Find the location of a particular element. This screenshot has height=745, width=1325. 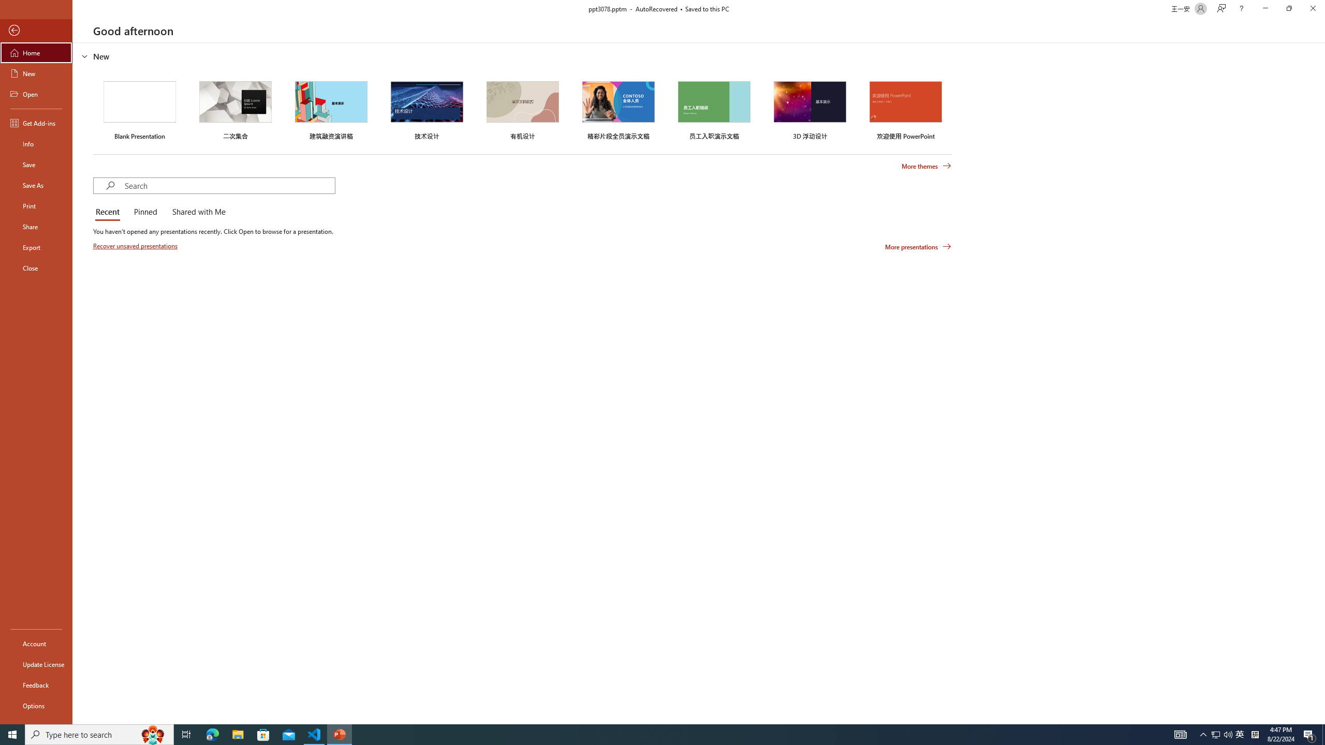

'Update License' is located at coordinates (36, 664).